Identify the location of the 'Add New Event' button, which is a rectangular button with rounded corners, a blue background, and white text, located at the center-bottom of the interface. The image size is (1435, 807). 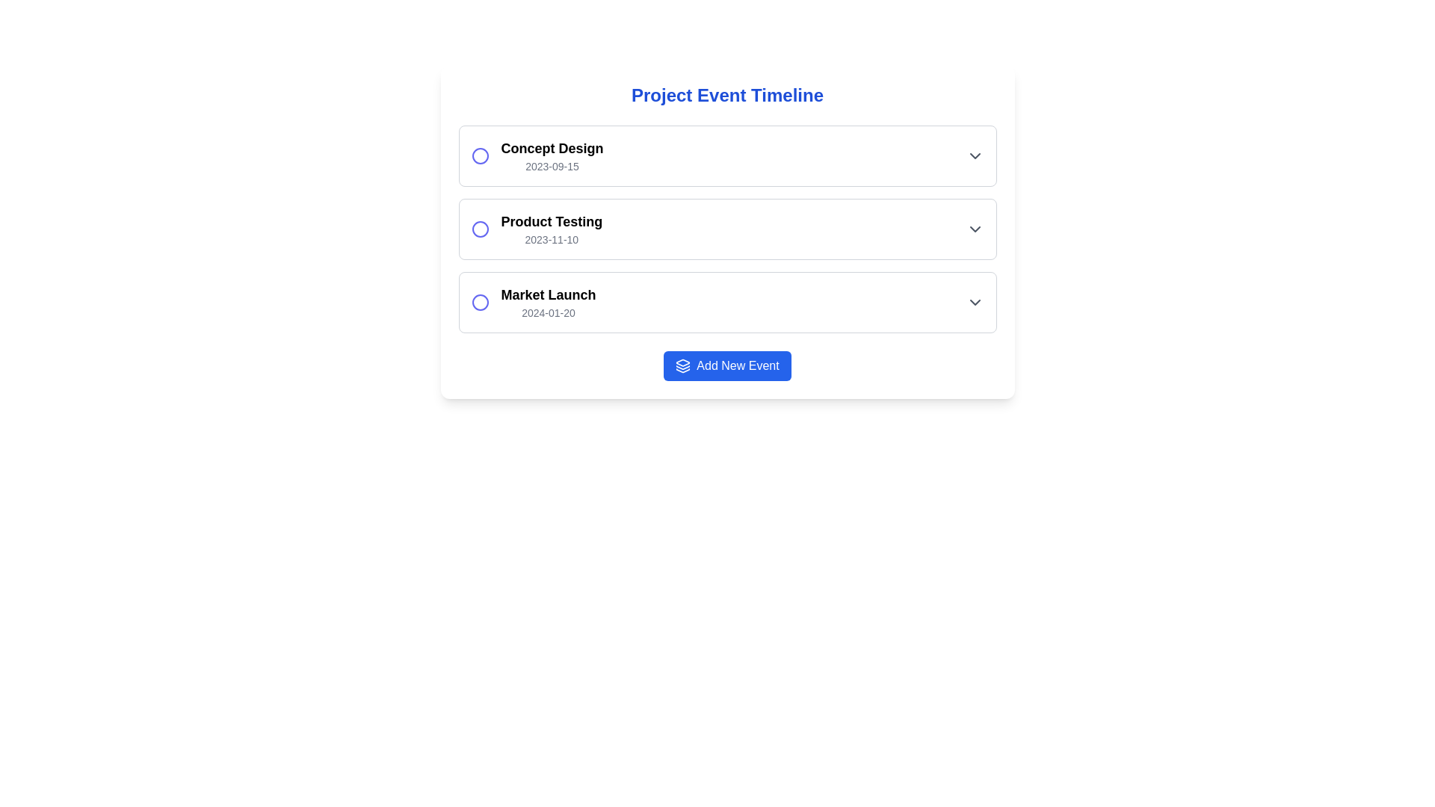
(727, 365).